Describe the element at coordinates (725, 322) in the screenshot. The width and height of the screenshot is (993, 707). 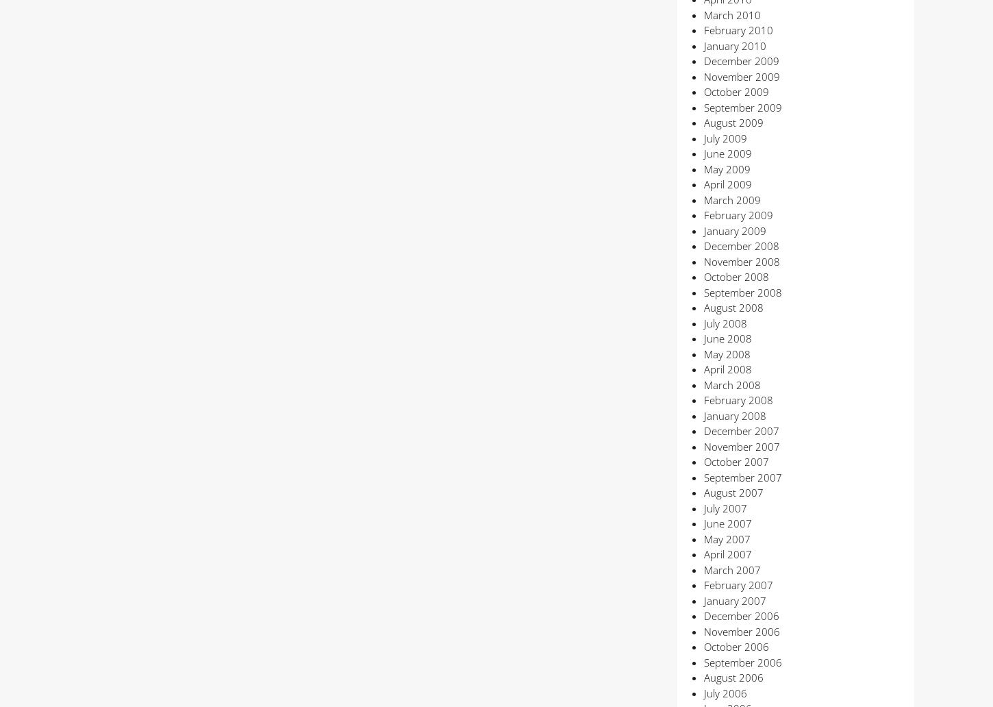
I see `'July 2008'` at that location.